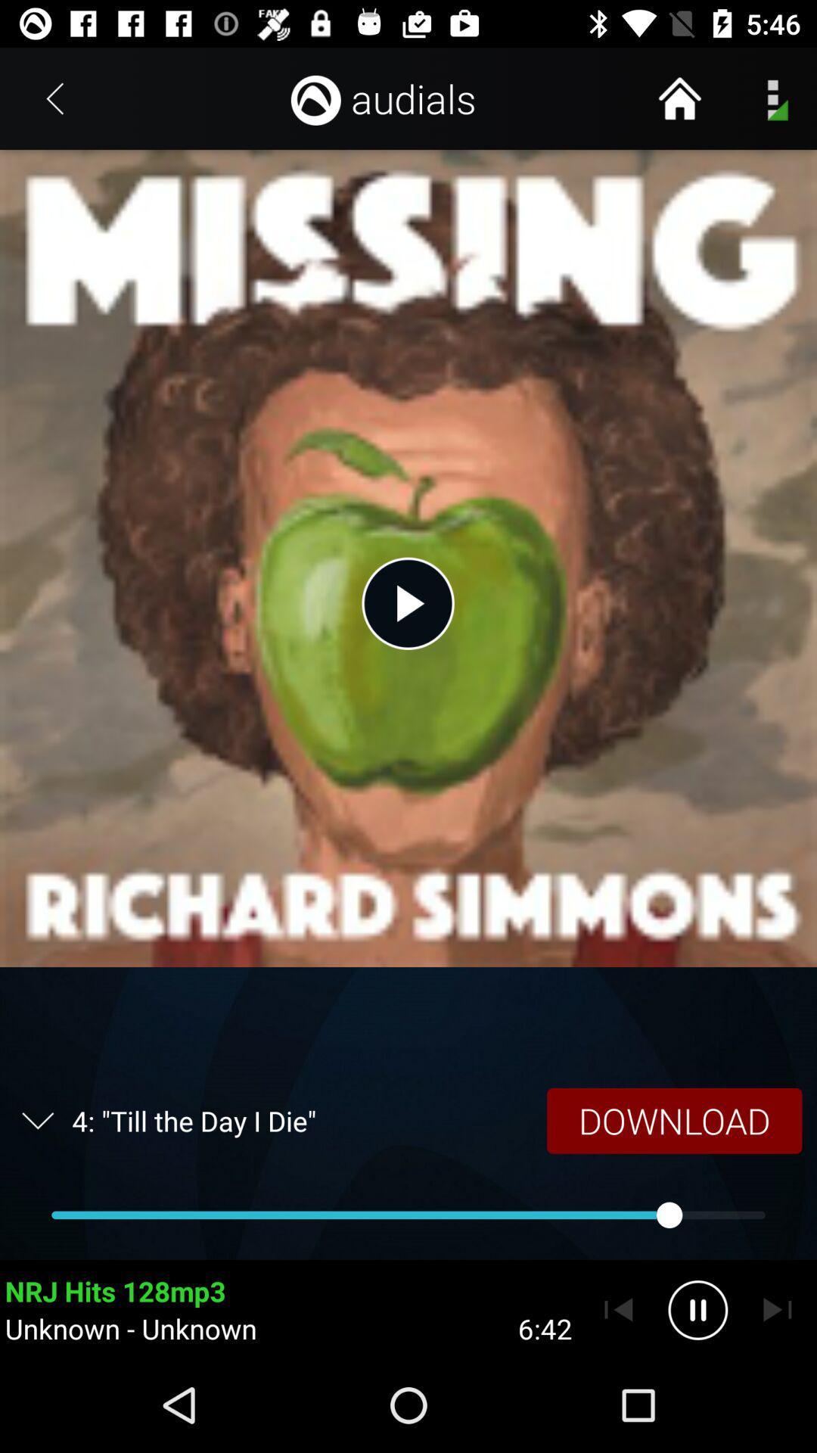 The image size is (817, 1453). What do you see at coordinates (407, 602) in the screenshot?
I see `the icon above the 4 till the` at bounding box center [407, 602].